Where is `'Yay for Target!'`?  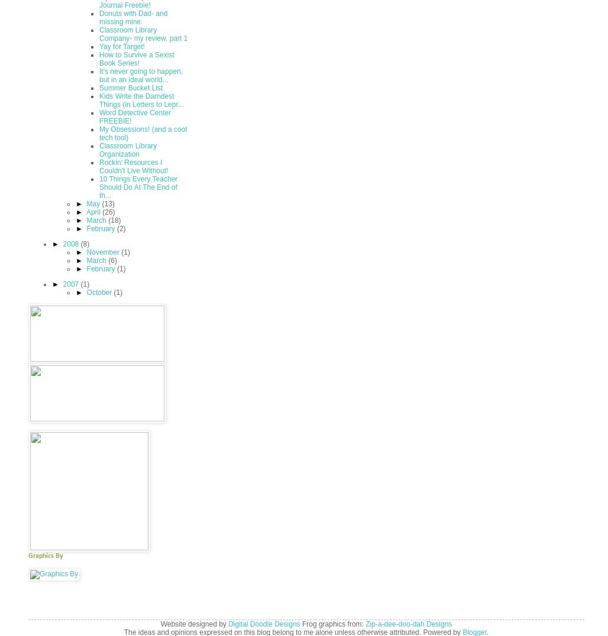 'Yay for Target!' is located at coordinates (121, 46).